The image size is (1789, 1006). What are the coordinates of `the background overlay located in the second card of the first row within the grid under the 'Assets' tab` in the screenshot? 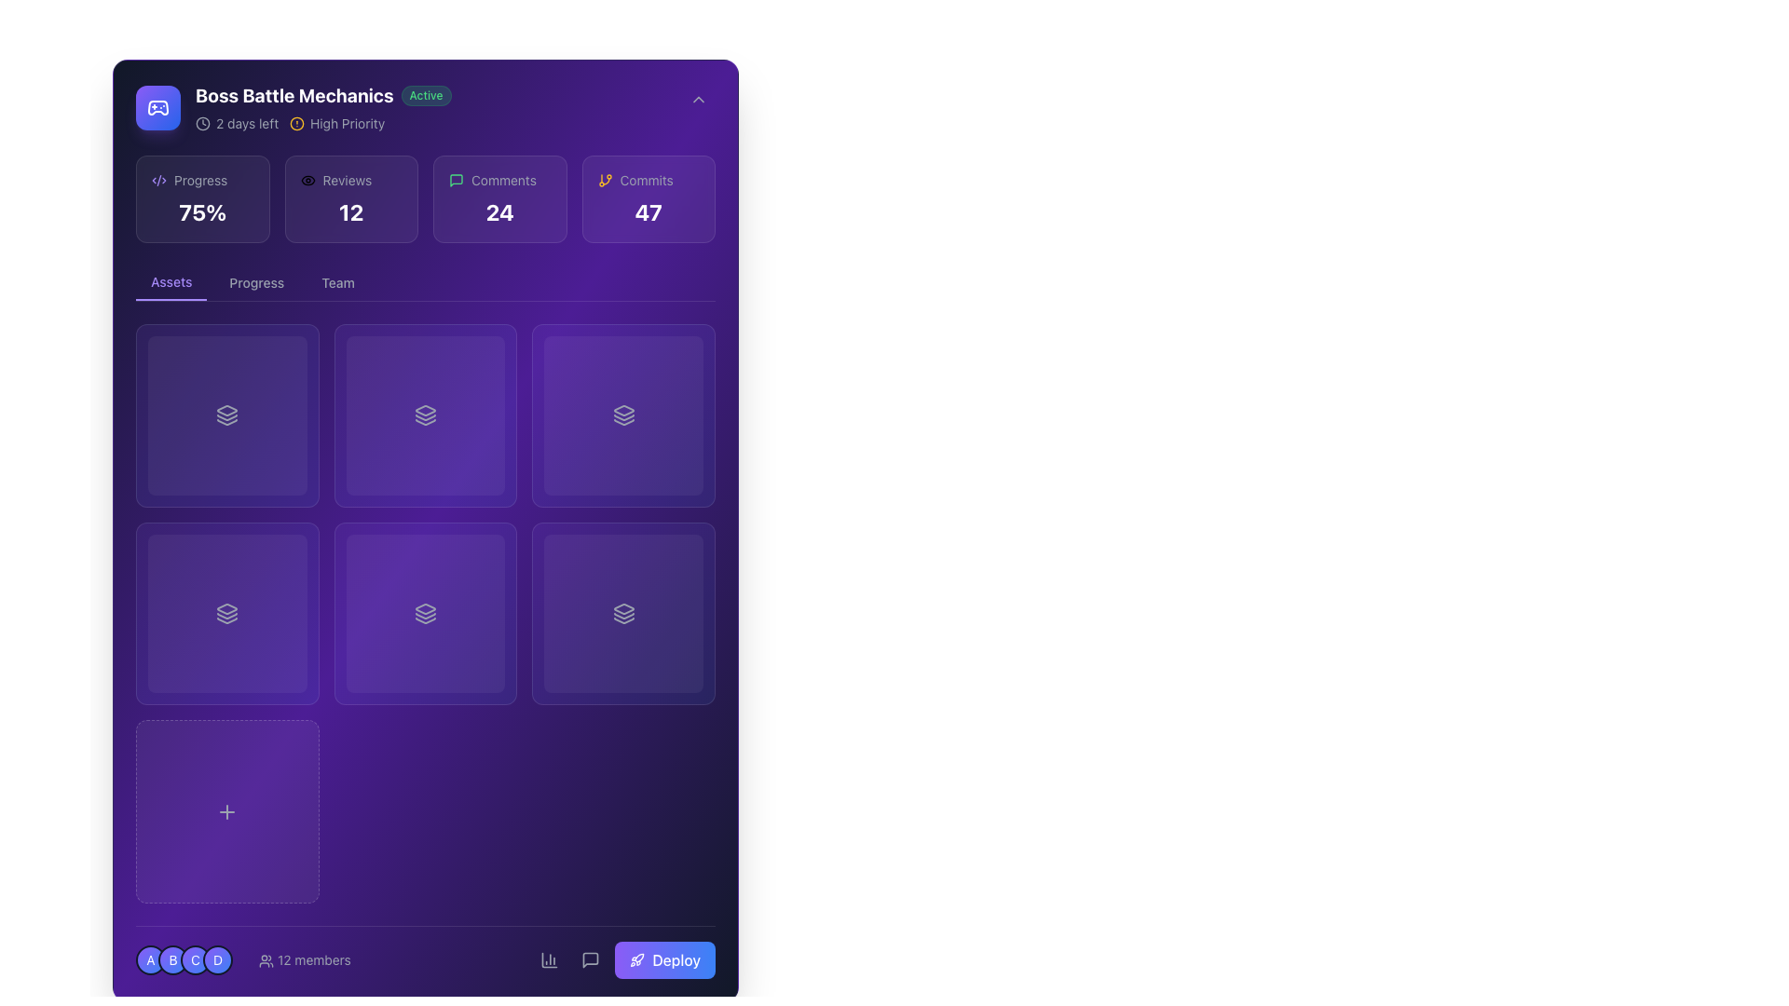 It's located at (226, 614).